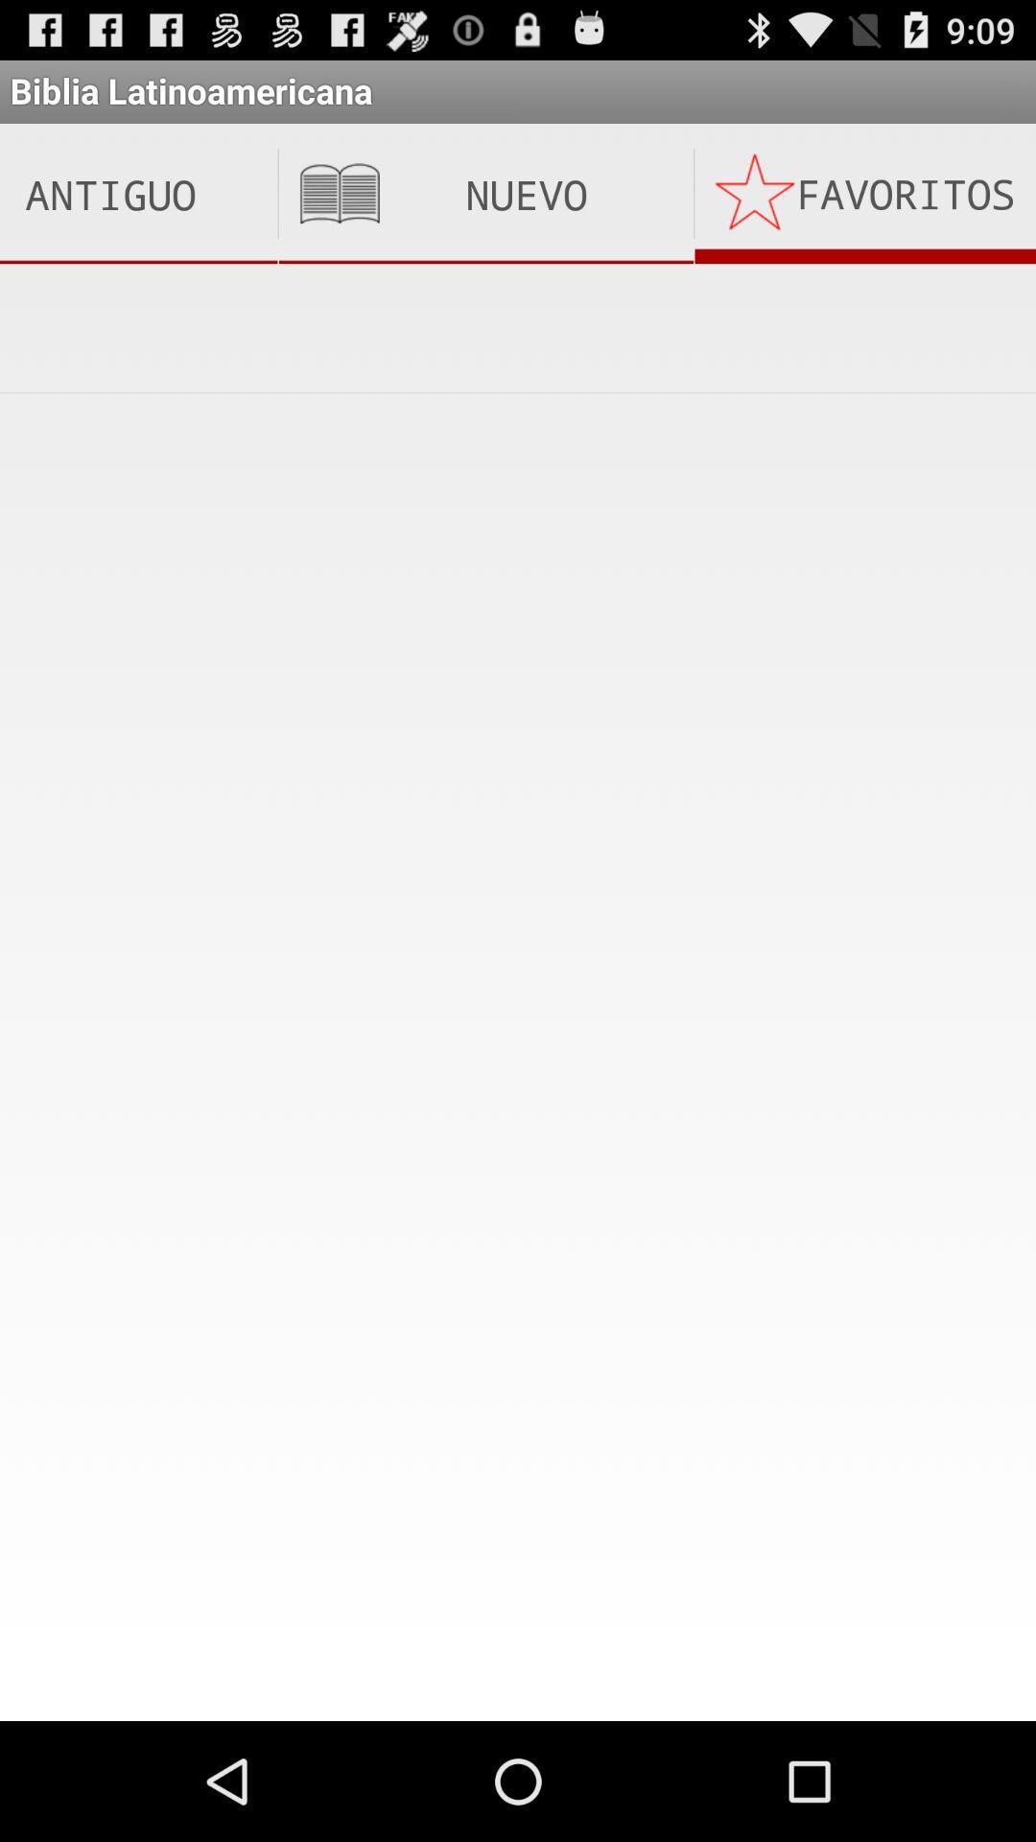 This screenshot has width=1036, height=1842. What do you see at coordinates (137, 194) in the screenshot?
I see `the app below biblia latinoamericana item` at bounding box center [137, 194].